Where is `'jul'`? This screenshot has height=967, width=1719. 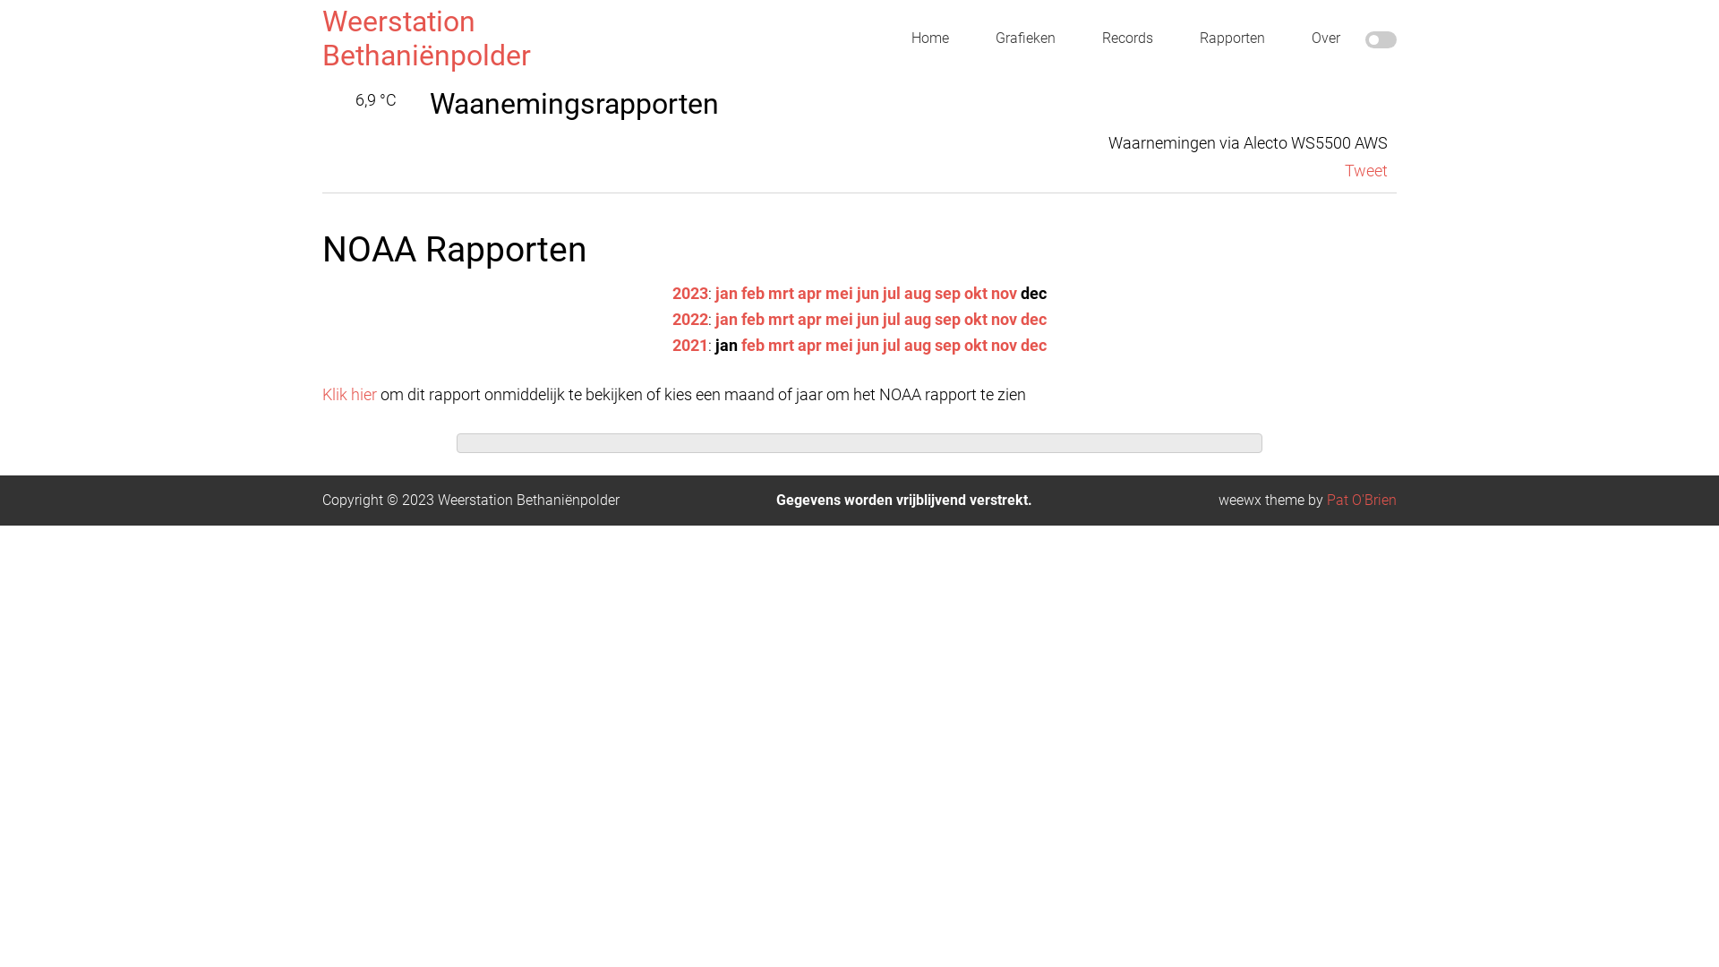 'jul' is located at coordinates (892, 345).